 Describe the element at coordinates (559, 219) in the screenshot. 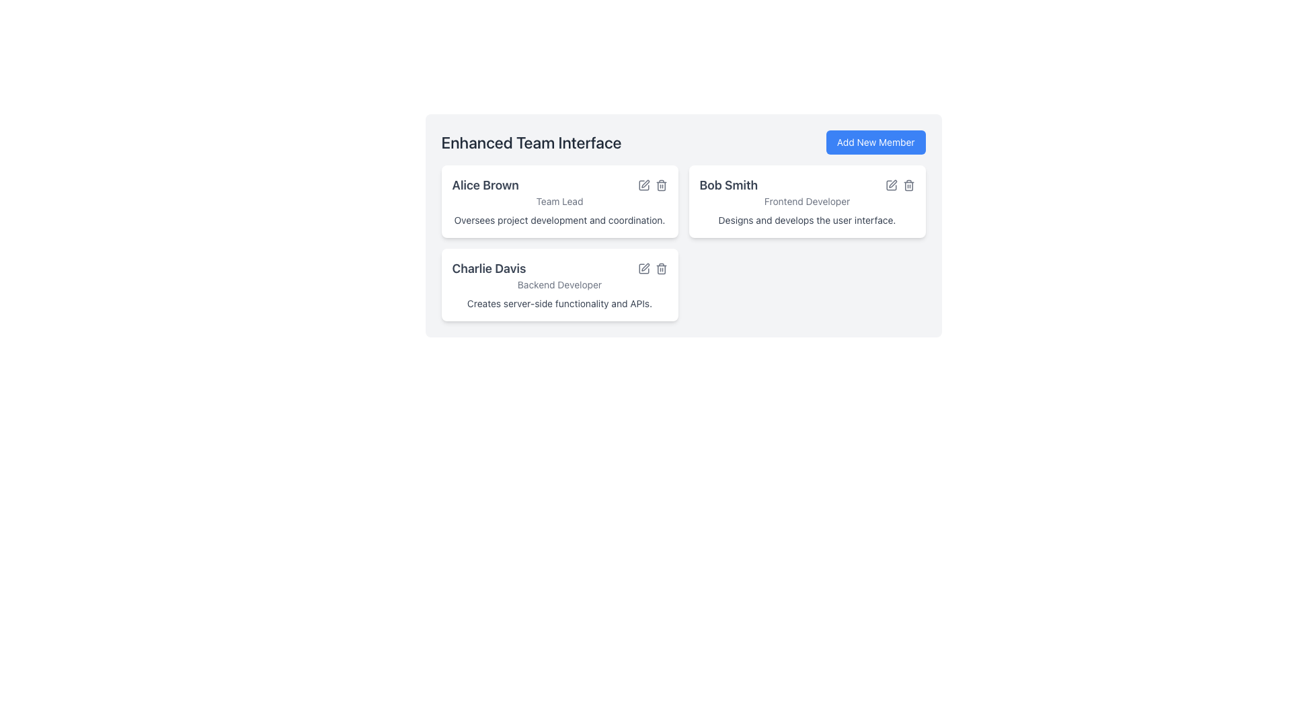

I see `the Text Label that provides a description or job responsibility summary for Alice Brown, located below 'Team Lead'` at that location.